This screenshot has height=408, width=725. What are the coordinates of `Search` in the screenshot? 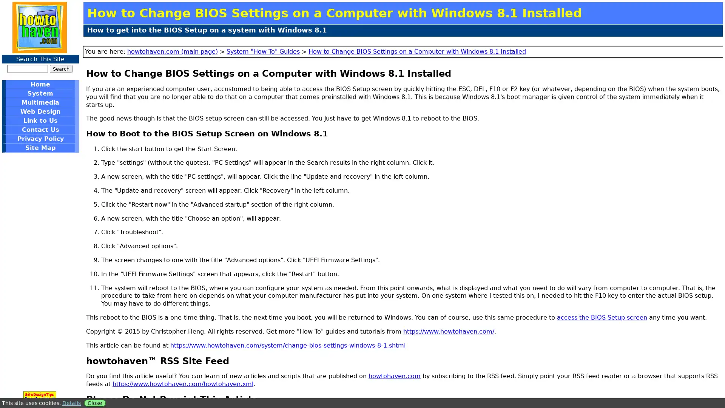 It's located at (61, 69).